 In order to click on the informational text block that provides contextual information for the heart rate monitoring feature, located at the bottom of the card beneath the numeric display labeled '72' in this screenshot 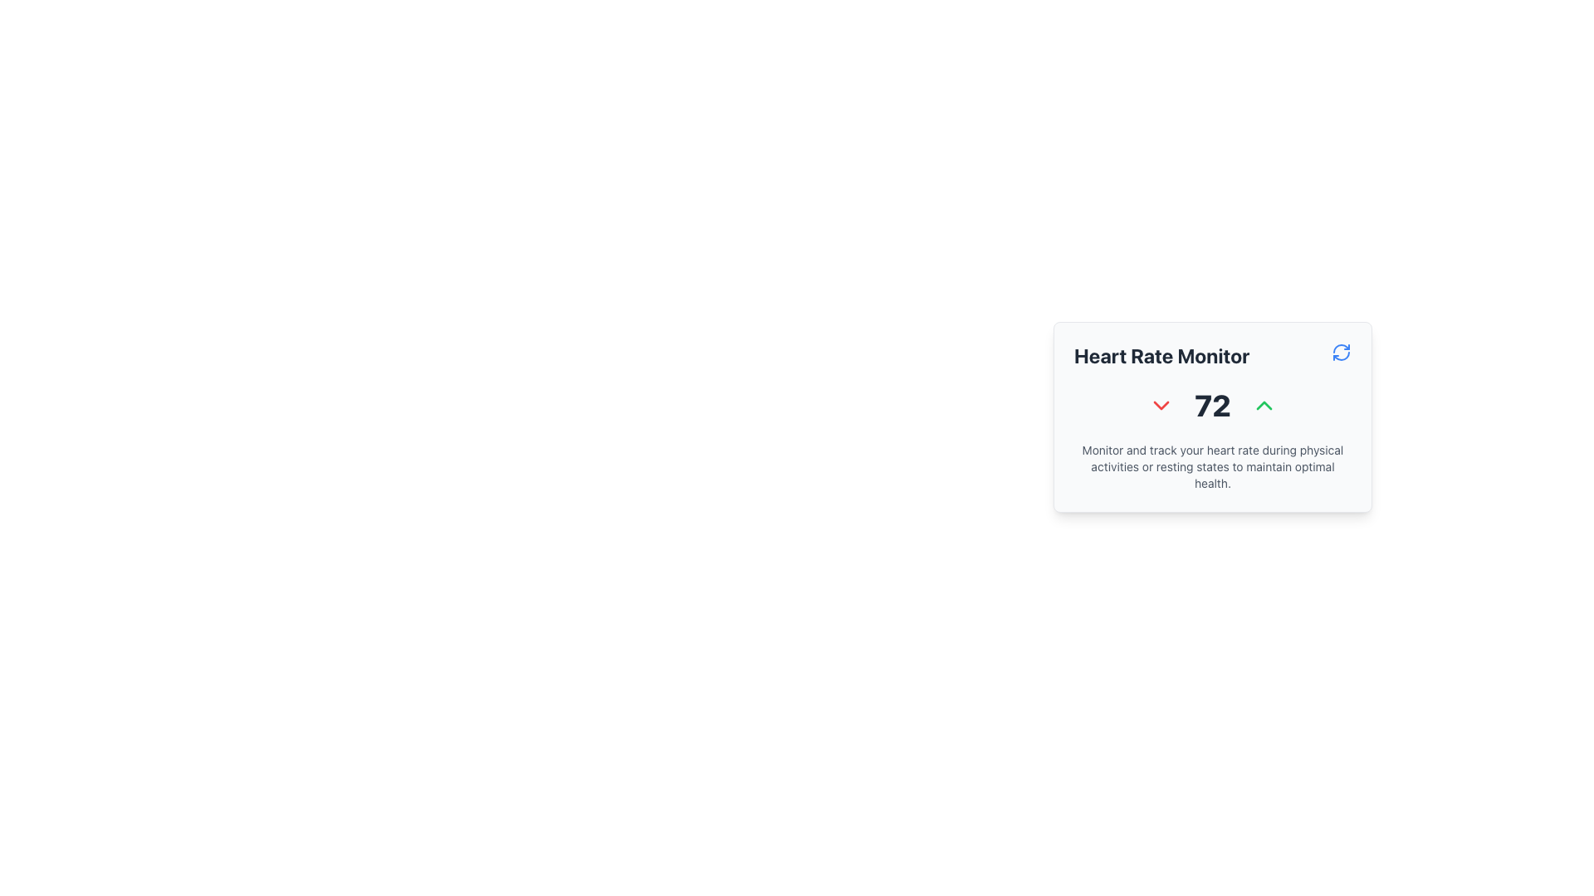, I will do `click(1212, 467)`.